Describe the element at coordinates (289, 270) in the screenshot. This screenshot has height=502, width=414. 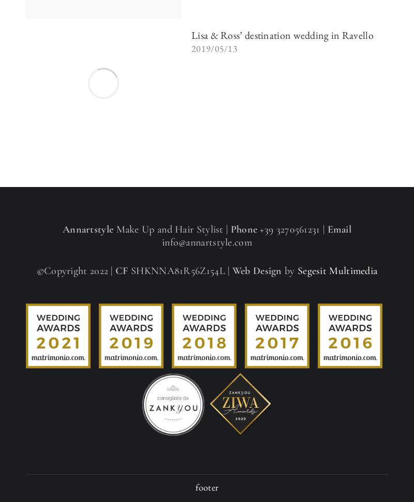
I see `'by'` at that location.